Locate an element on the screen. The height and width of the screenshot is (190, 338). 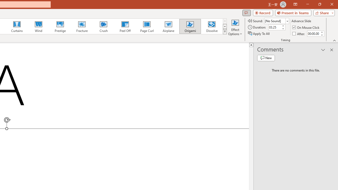
'Fracture' is located at coordinates (81, 26).